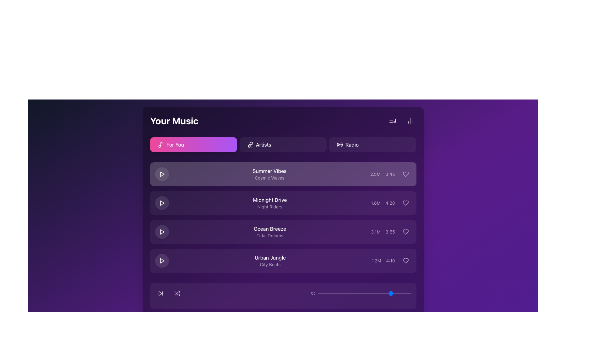  I want to click on the Textual Information Display that shows the number of plays '1.8M' and track duration '4:20', located to the right of the track title 'Midnight Drive' and artist name 'Night Riders', so click(391, 203).